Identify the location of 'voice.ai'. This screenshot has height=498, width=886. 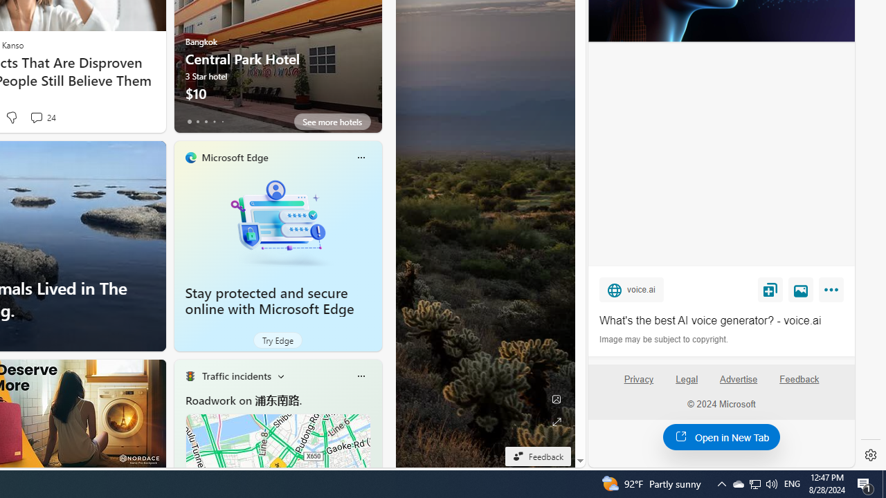
(631, 289).